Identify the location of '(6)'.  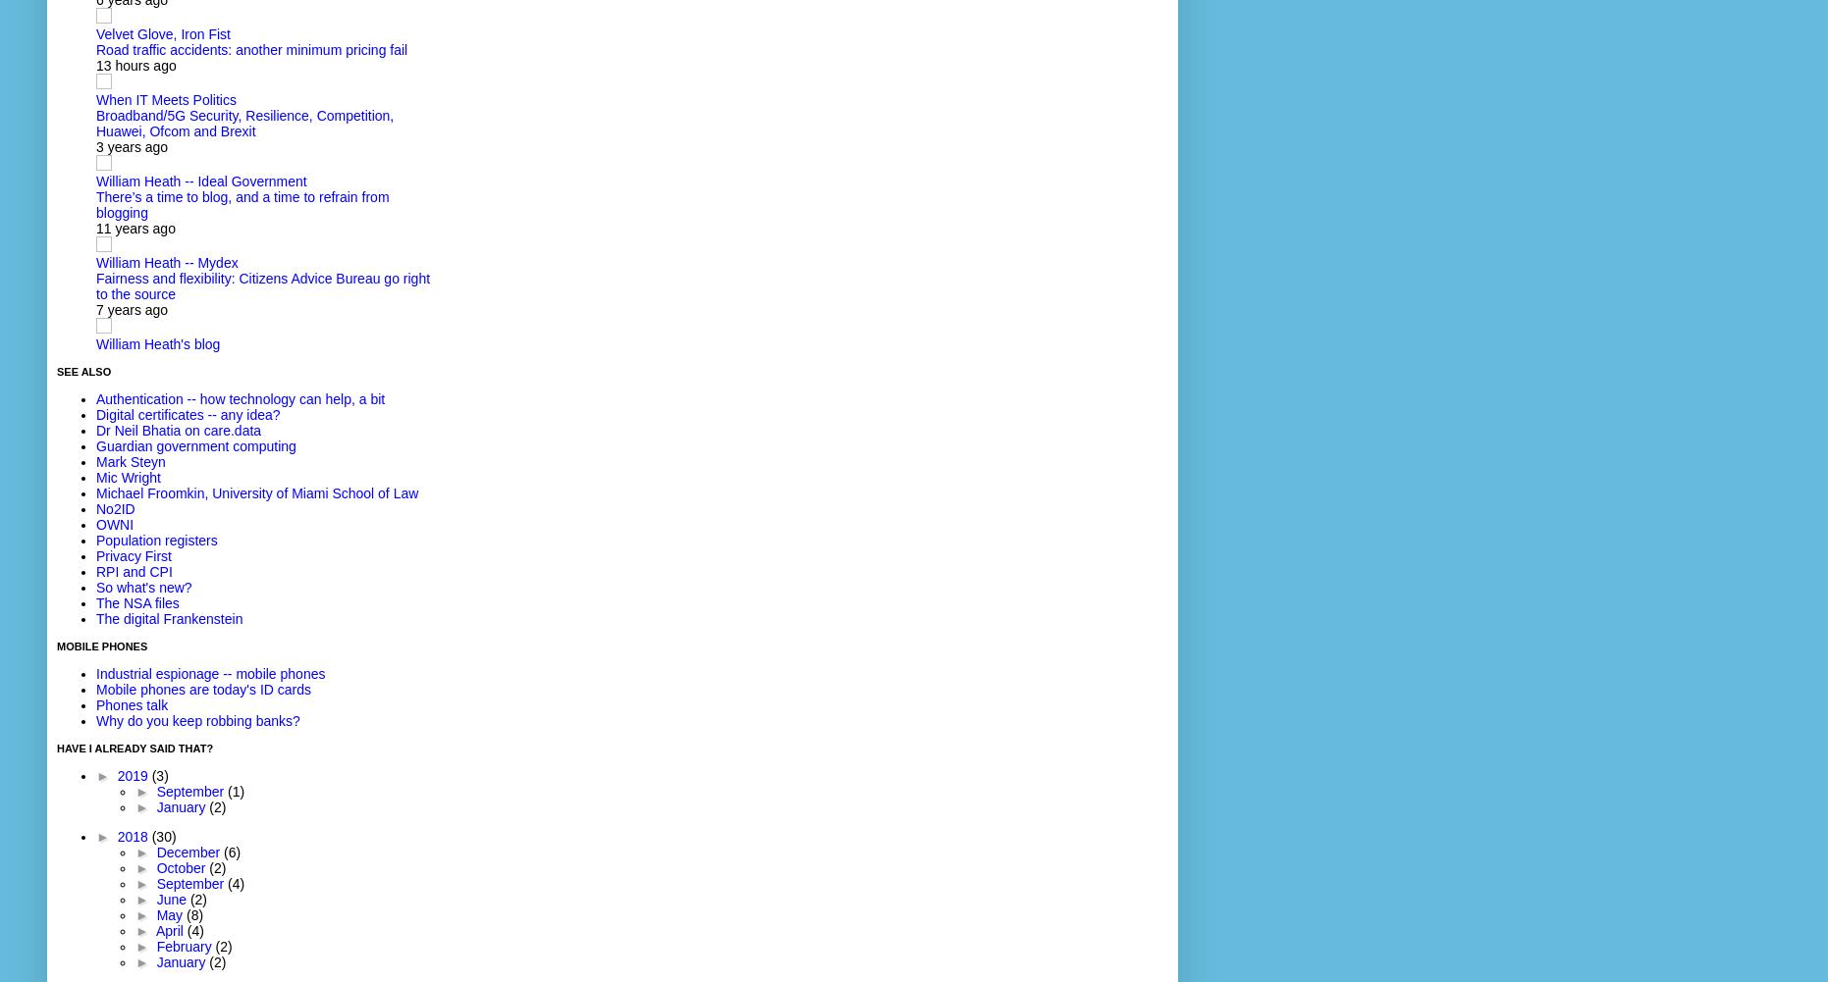
(232, 852).